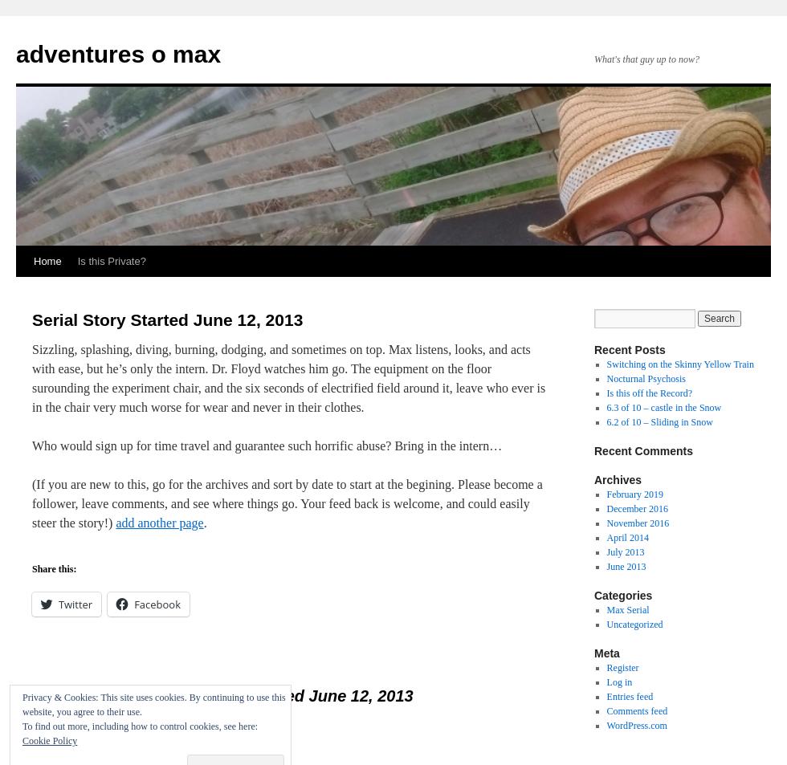 This screenshot has width=787, height=765. I want to click on 'Privacy & Cookies: This site uses cookies. By continuing to use this website, you agree to their use.', so click(153, 704).